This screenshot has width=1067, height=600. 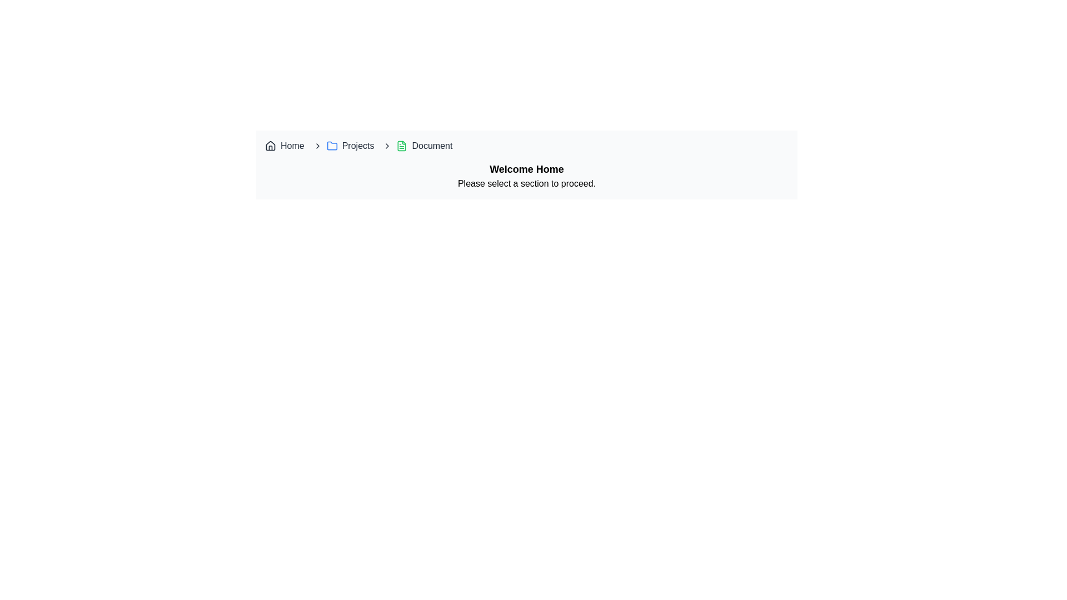 I want to click on the small right-facing chevron icon located between the 'Home' text label and the 'Projects' folder icon in the breadcrumb navigation bar, so click(x=317, y=145).